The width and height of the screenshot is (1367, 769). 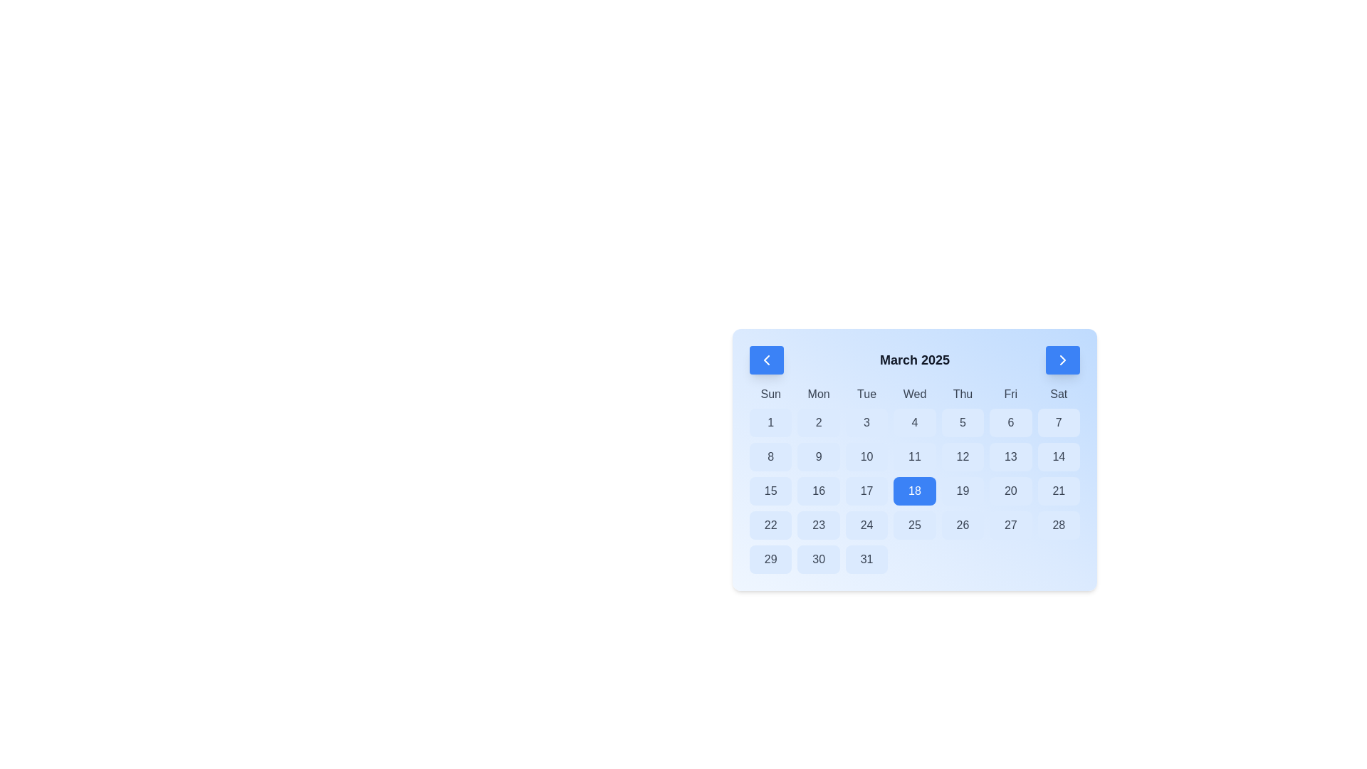 I want to click on the button styled as a rounded rectangle with a light blue background displaying the number '4' in bold black text, located in the calendar grid under the column labeled 'Wed', so click(x=913, y=422).